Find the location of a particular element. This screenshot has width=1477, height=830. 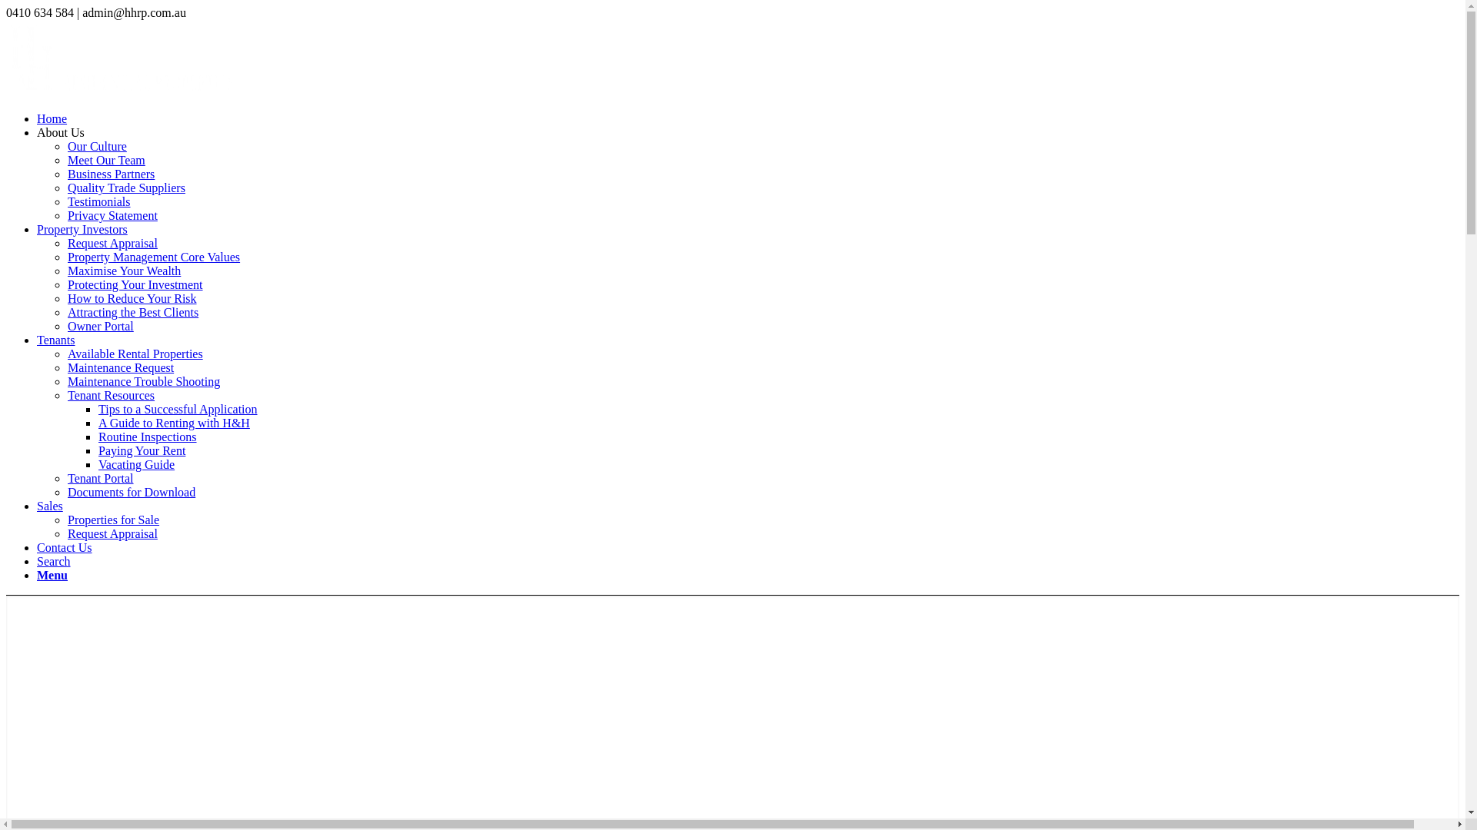

'Request Appraisal' is located at coordinates (66, 533).